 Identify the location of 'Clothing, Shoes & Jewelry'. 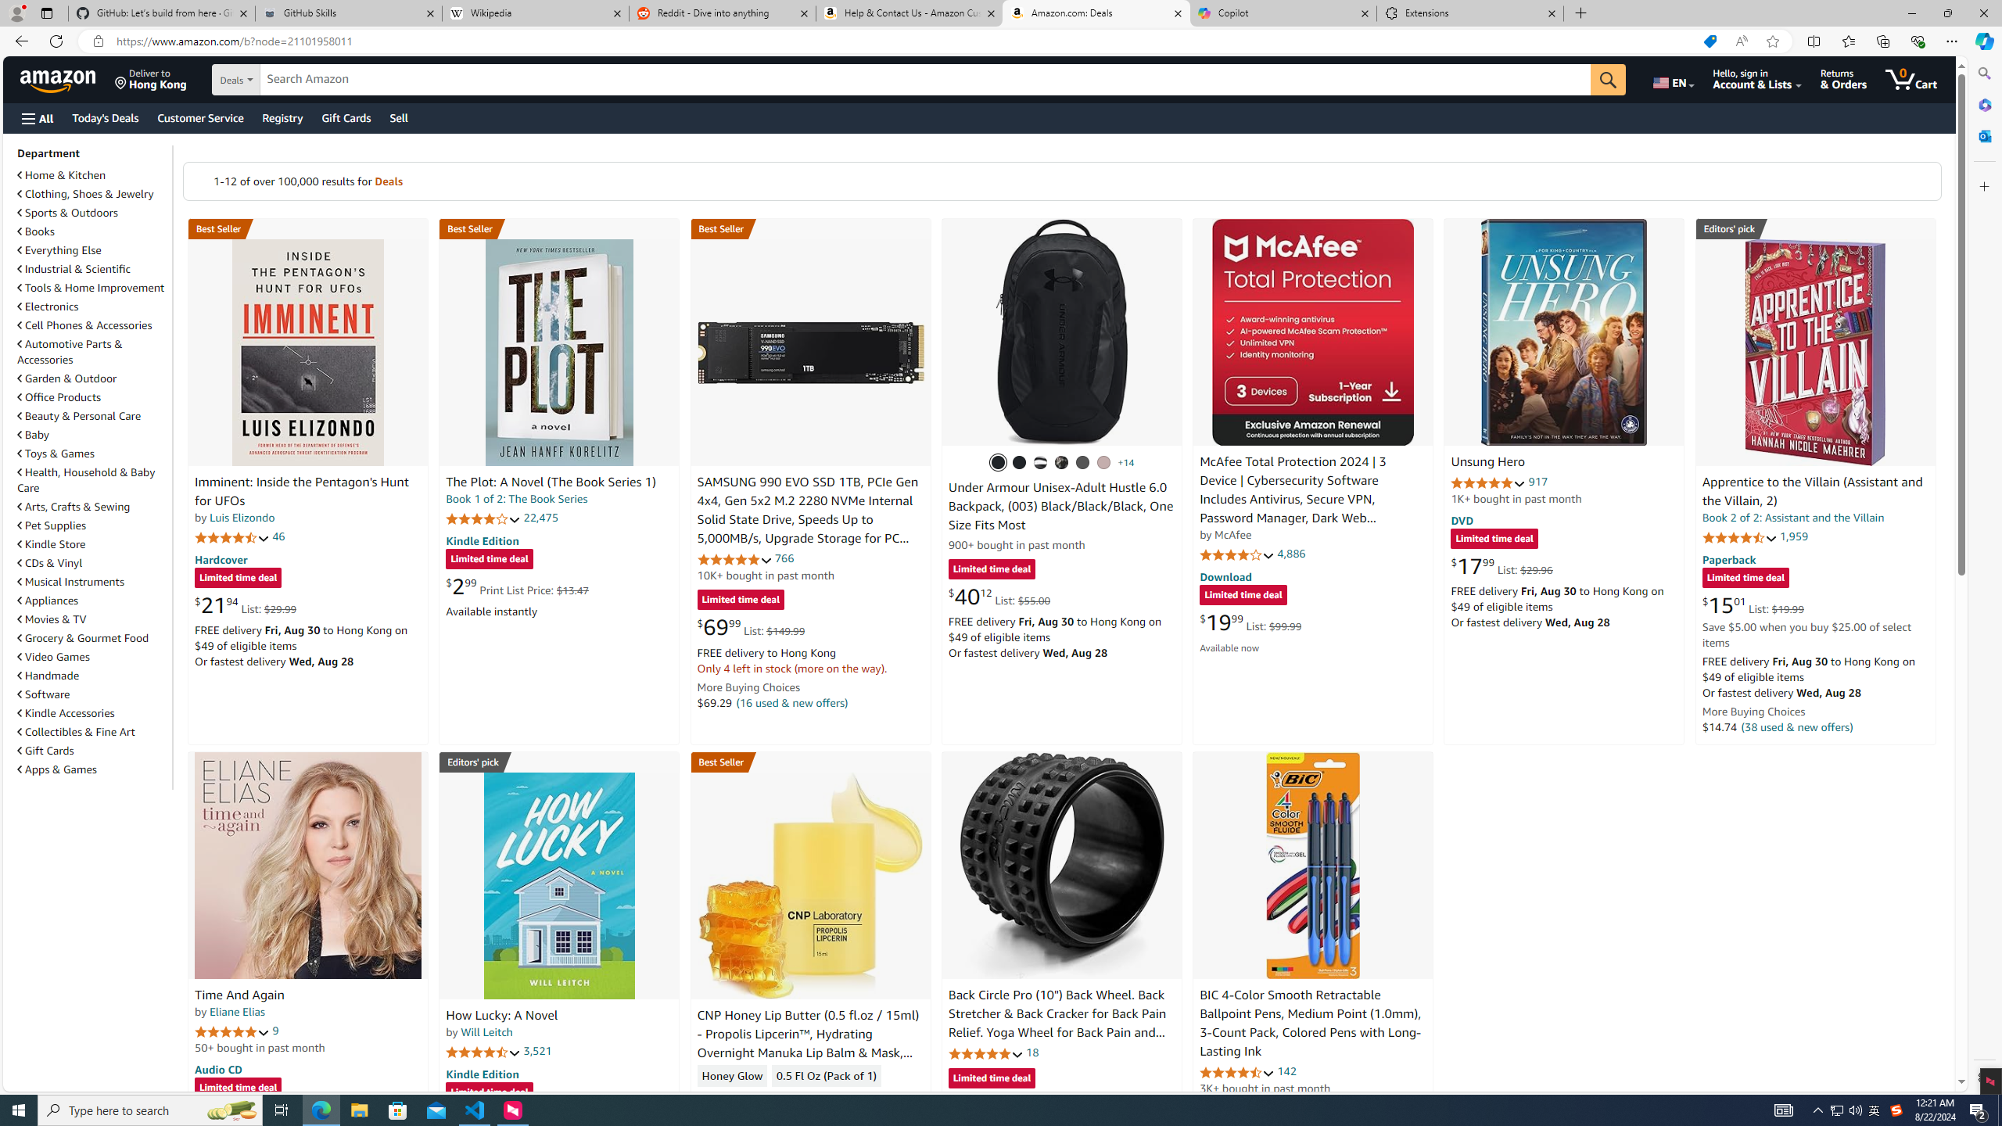
(86, 192).